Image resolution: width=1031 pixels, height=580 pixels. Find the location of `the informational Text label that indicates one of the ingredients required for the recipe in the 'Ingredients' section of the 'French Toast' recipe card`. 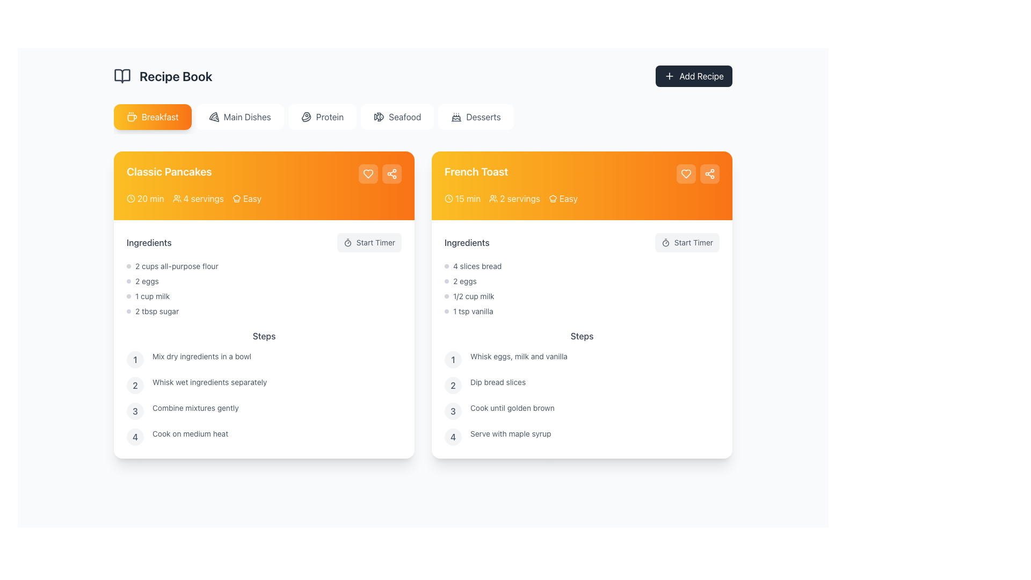

the informational Text label that indicates one of the ingredients required for the recipe in the 'Ingredients' section of the 'French Toast' recipe card is located at coordinates (473, 296).